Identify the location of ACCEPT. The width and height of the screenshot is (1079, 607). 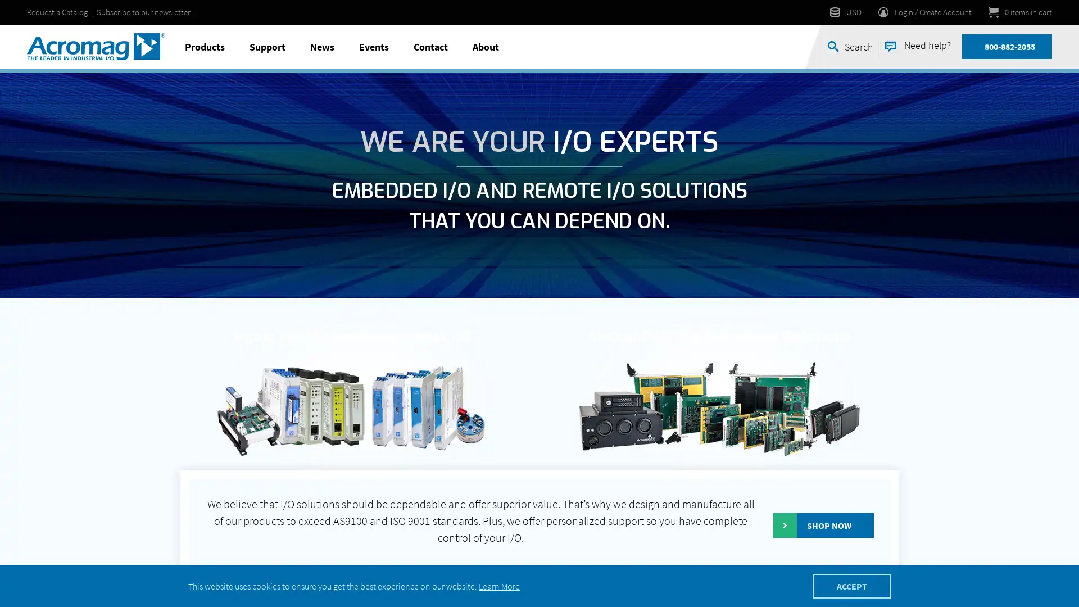
(852, 585).